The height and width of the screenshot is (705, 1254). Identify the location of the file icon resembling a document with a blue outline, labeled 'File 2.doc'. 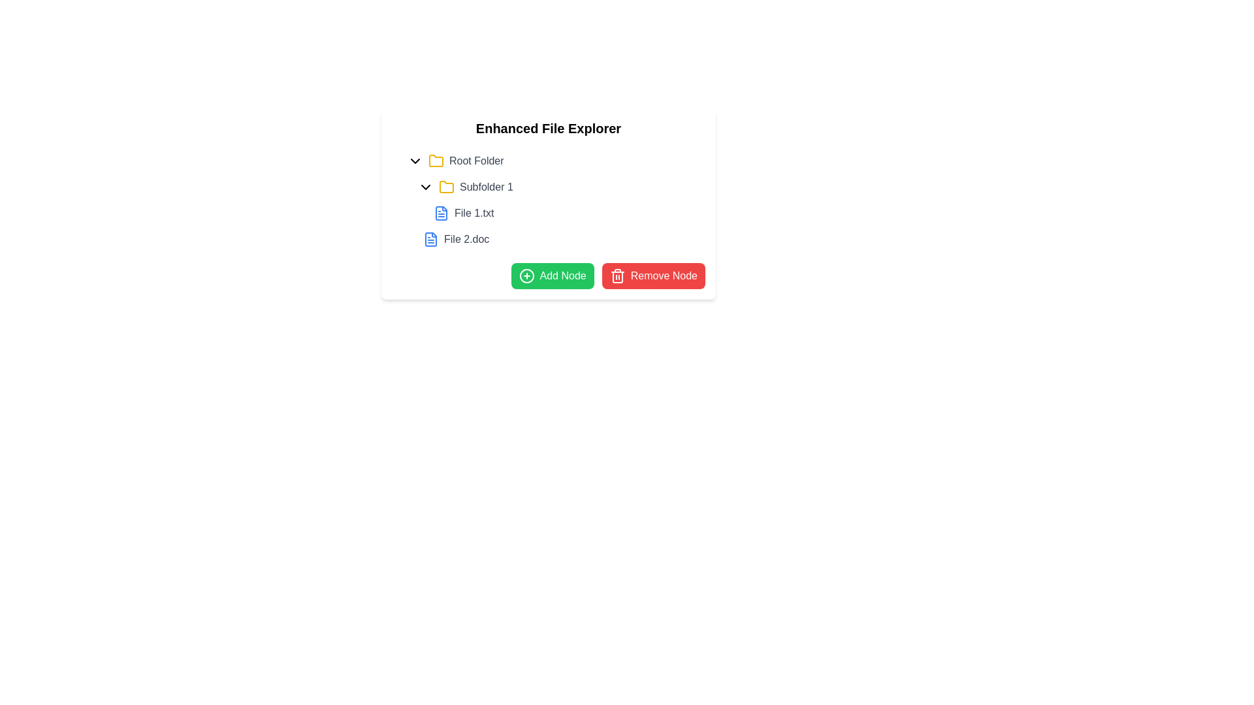
(431, 239).